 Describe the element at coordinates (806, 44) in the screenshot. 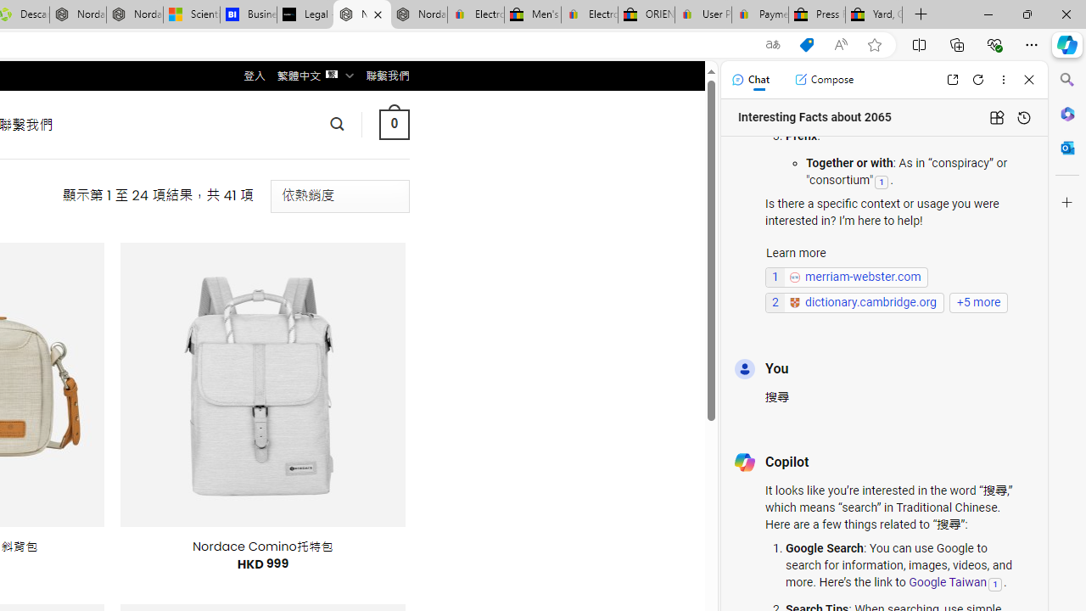

I see `'This site has coupons! Shopping in Microsoft Edge'` at that location.